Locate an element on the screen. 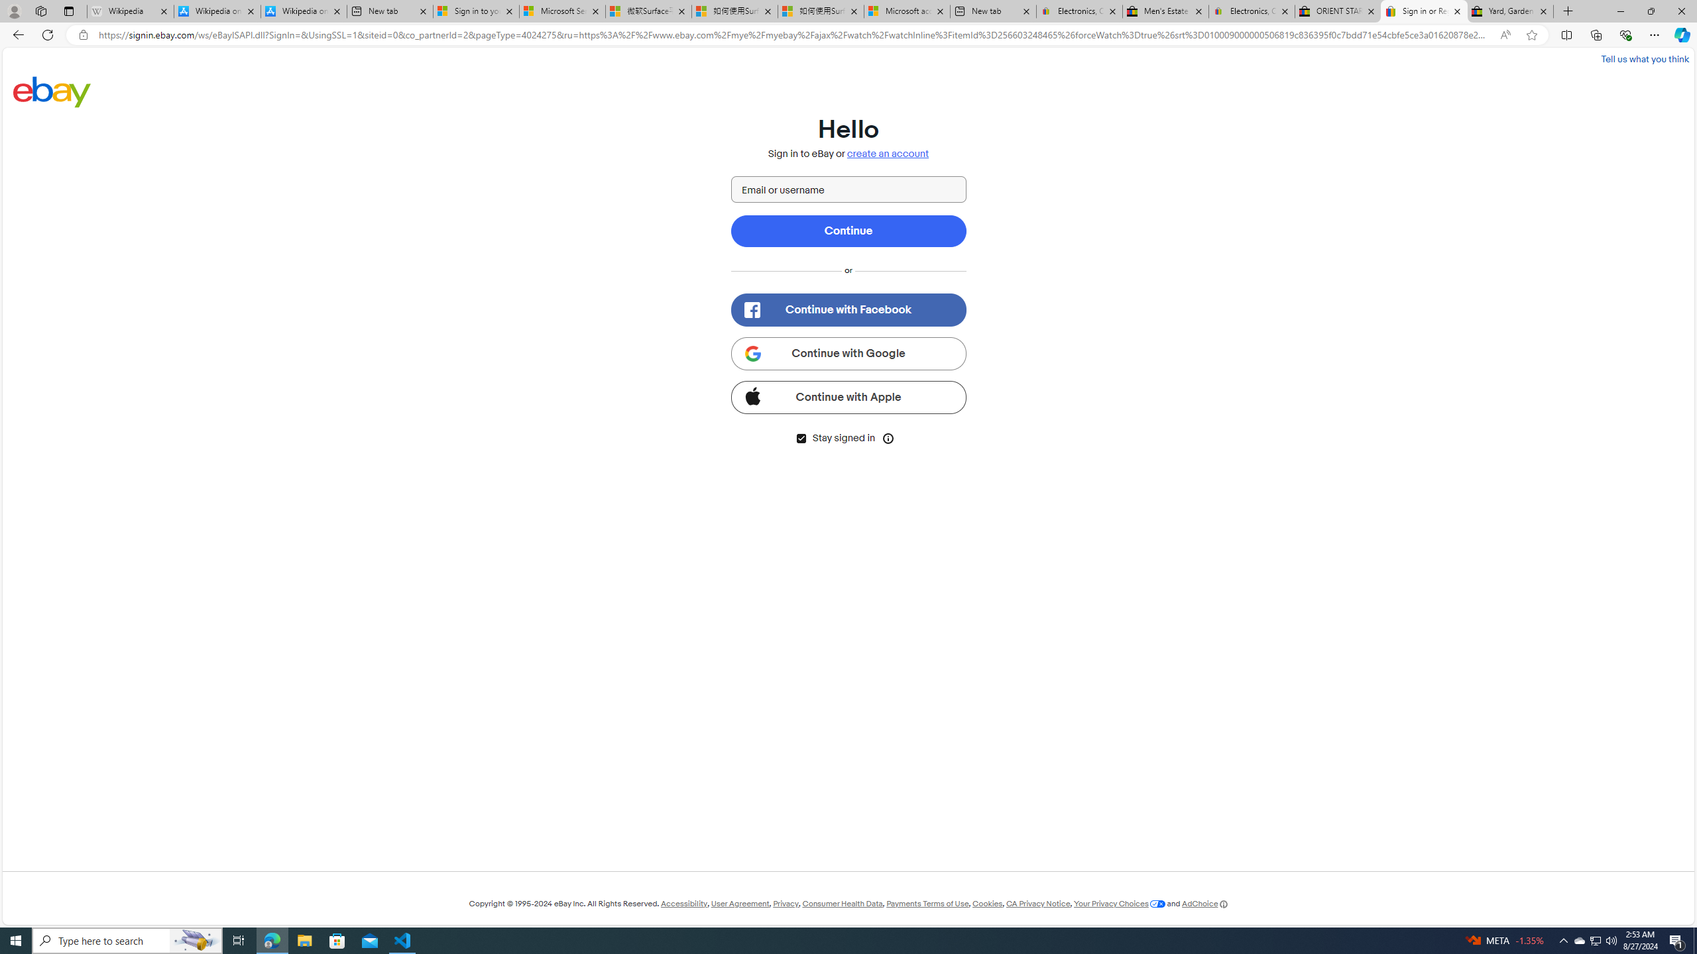 The height and width of the screenshot is (954, 1697). 'Accessibility' is located at coordinates (683, 903).